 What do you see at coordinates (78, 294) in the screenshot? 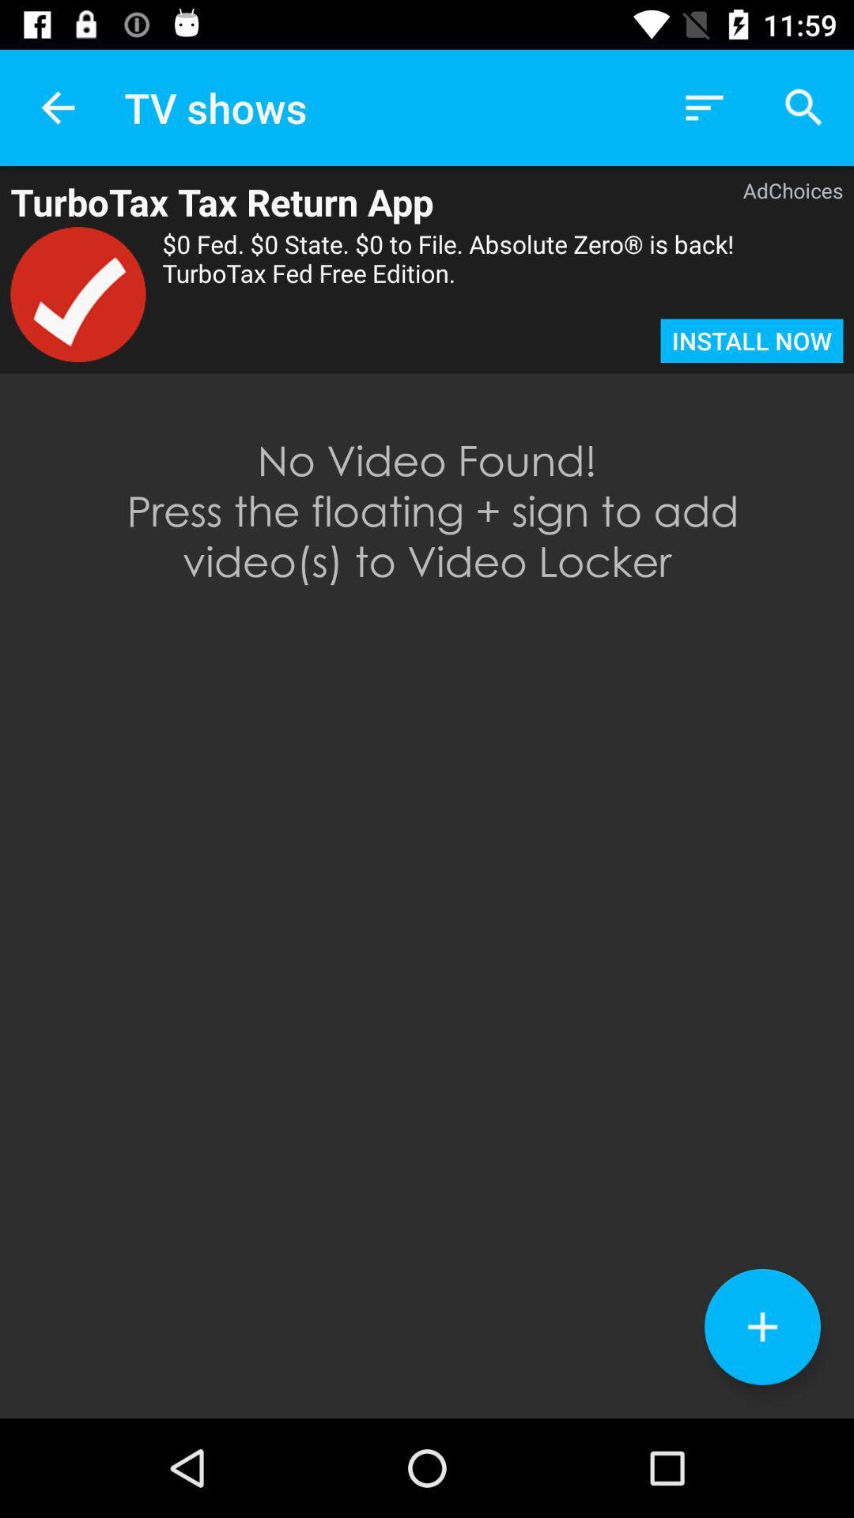
I see `the item below the turbotax tax return` at bounding box center [78, 294].